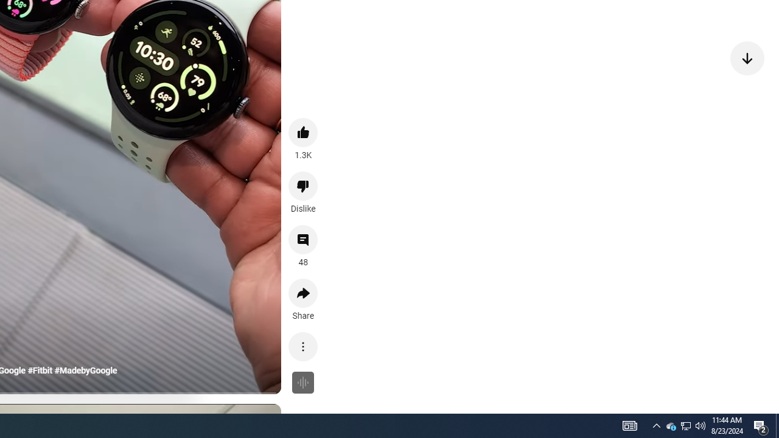 Image resolution: width=779 pixels, height=438 pixels. What do you see at coordinates (303, 293) in the screenshot?
I see `'Share'` at bounding box center [303, 293].